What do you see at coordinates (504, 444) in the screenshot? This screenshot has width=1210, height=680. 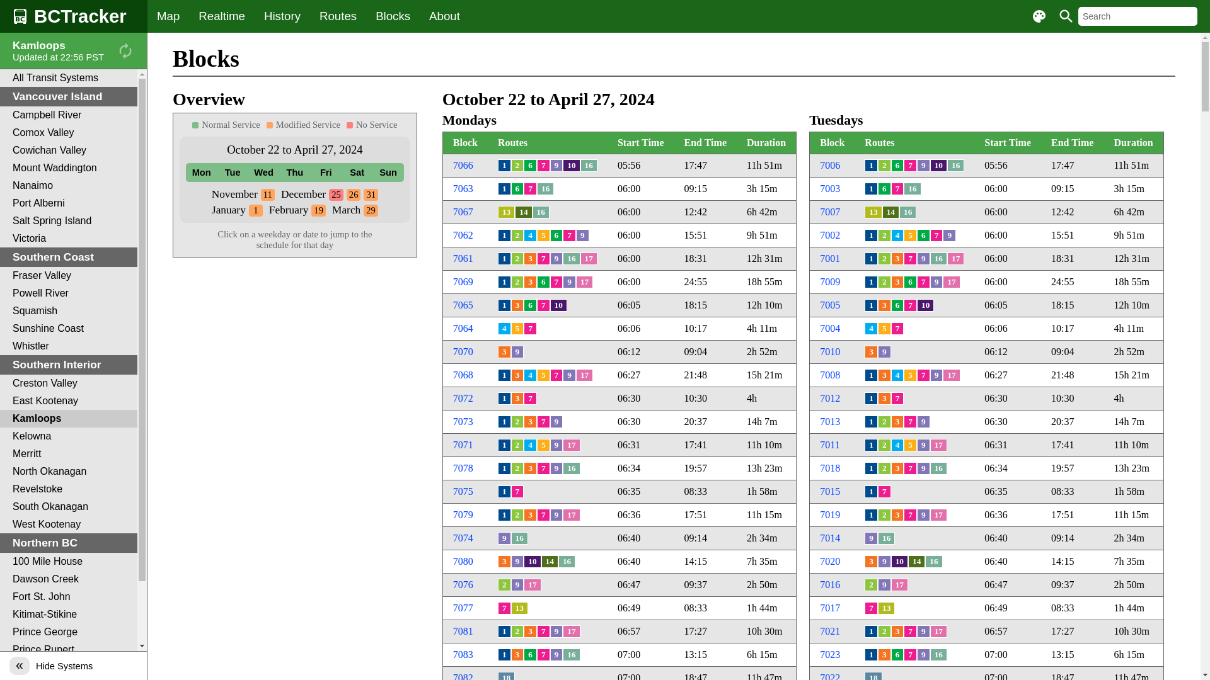 I see `'1'` at bounding box center [504, 444].